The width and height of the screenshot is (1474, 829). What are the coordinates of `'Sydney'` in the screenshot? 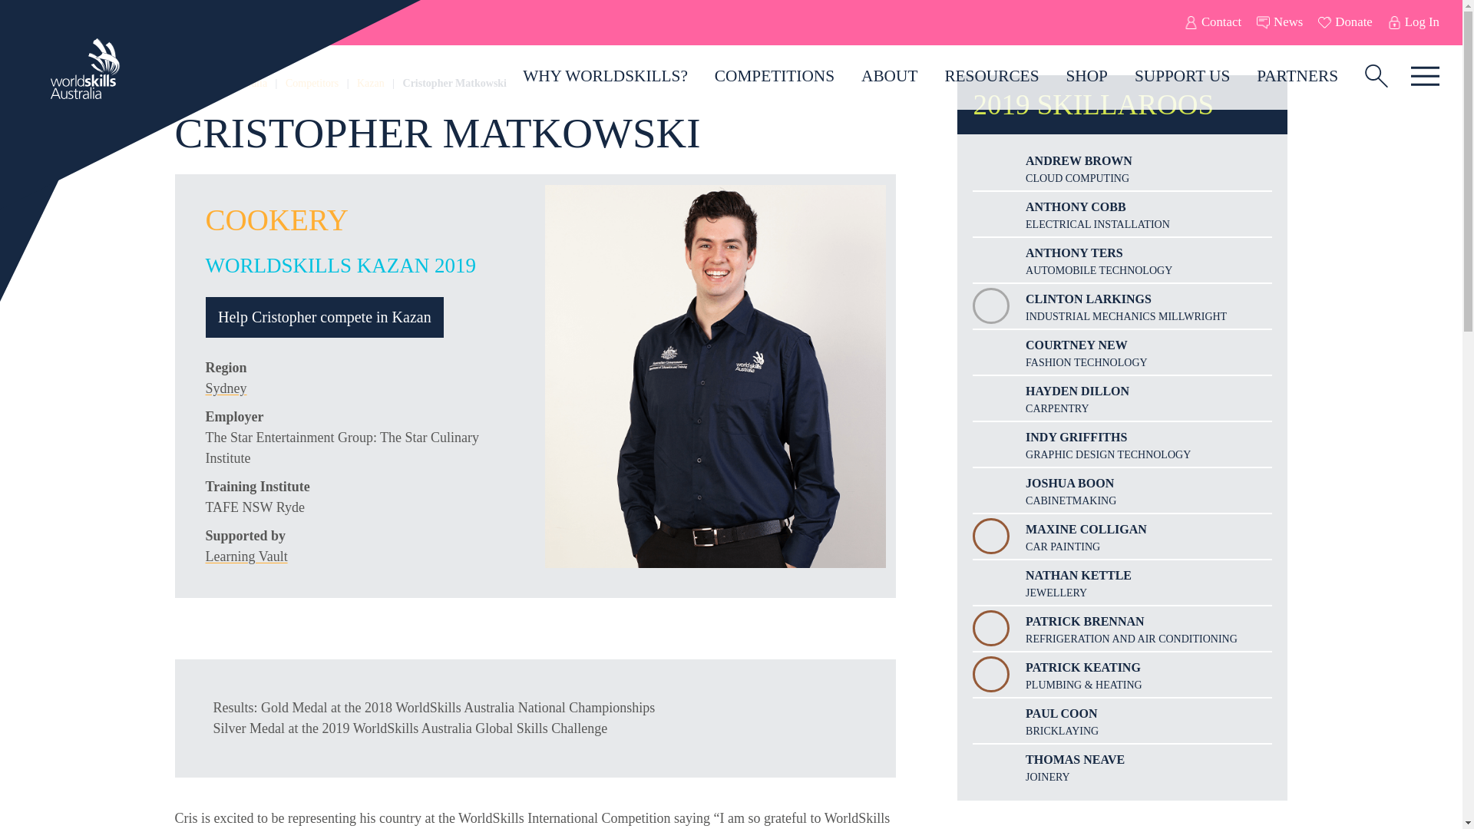 It's located at (225, 387).